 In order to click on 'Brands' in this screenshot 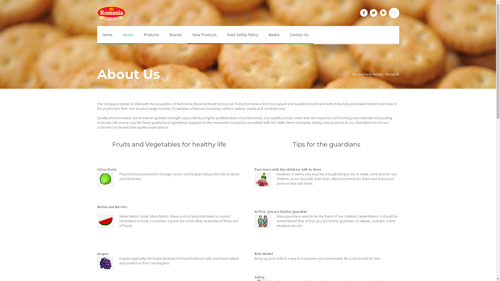, I will do `click(175, 35)`.